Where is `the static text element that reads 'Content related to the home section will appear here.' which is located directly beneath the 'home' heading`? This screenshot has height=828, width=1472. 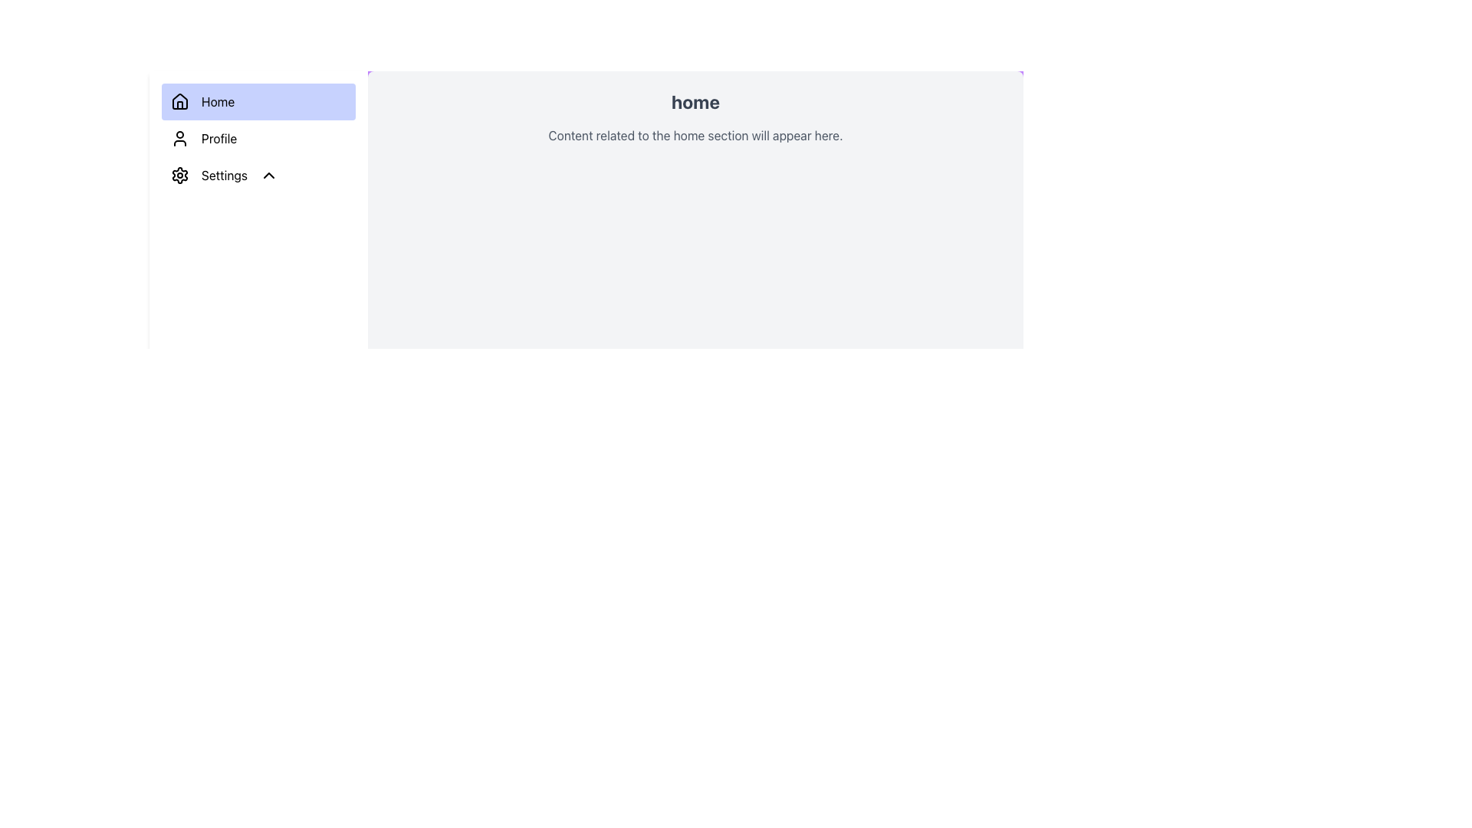 the static text element that reads 'Content related to the home section will appear here.' which is located directly beneath the 'home' heading is located at coordinates (695, 135).